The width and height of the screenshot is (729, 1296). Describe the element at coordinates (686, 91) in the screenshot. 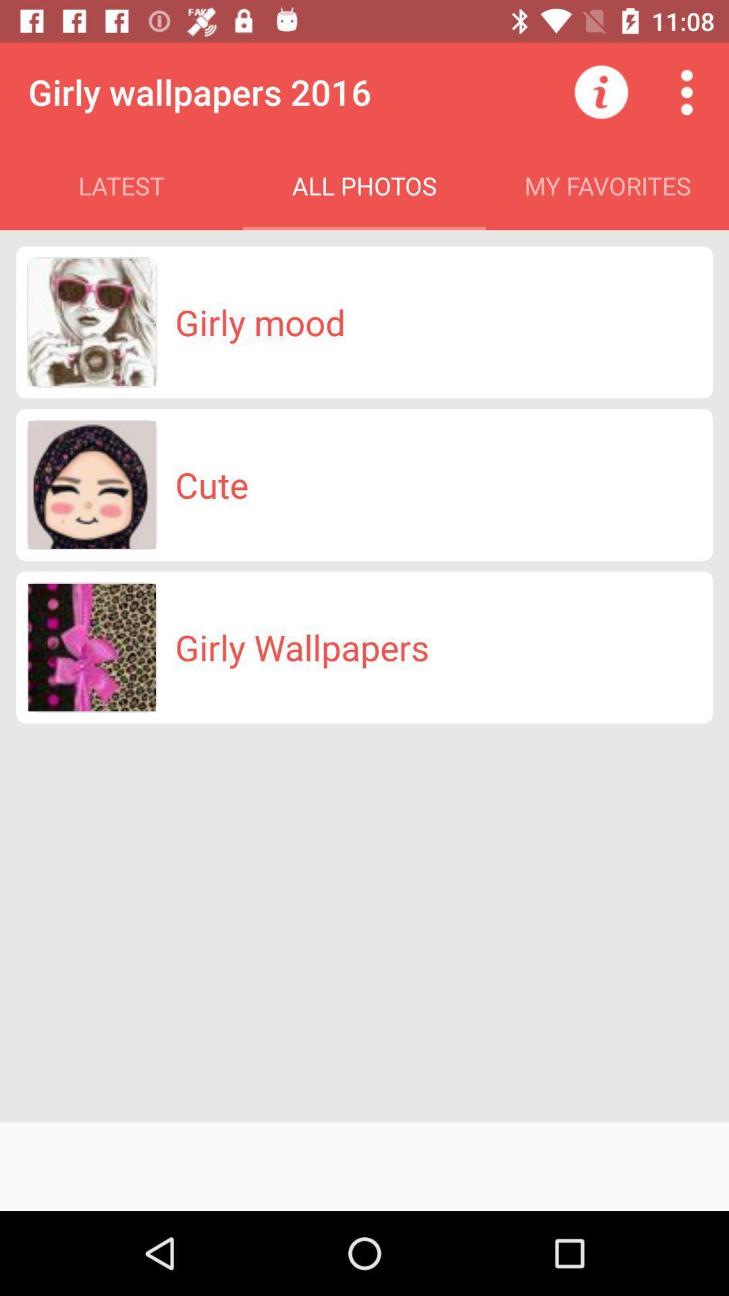

I see `the item above my favorites` at that location.